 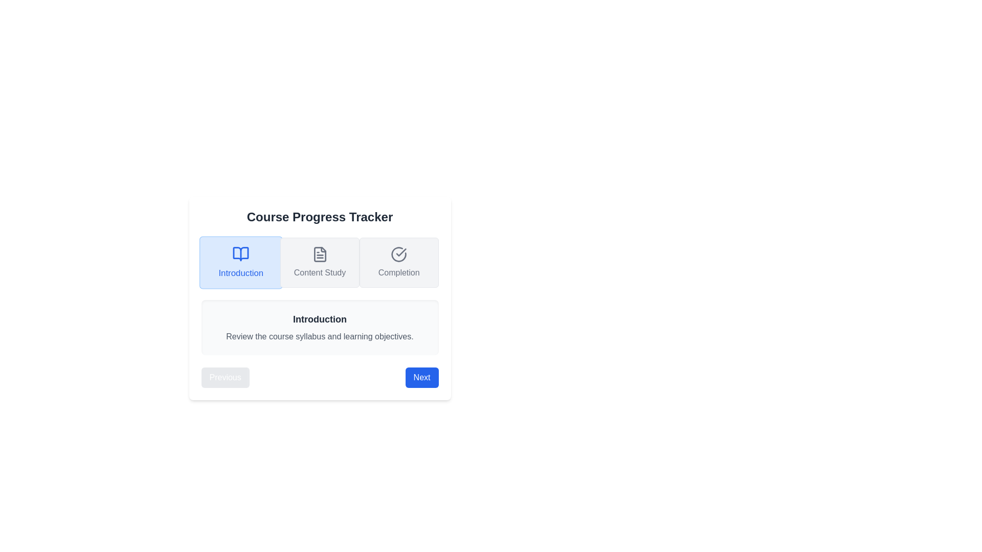 What do you see at coordinates (400, 252) in the screenshot?
I see `the checkmark icon in the 'Completion' tab, which serves as a visual confirmation or success indicator, positioned slightly above its center within the circular graphic` at bounding box center [400, 252].